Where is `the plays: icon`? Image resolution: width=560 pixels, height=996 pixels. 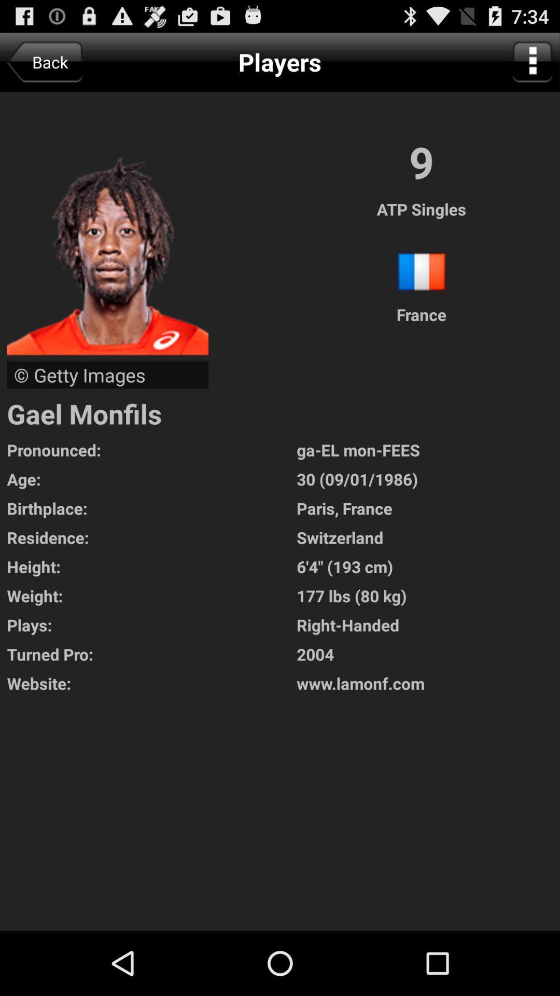 the plays: icon is located at coordinates (151, 624).